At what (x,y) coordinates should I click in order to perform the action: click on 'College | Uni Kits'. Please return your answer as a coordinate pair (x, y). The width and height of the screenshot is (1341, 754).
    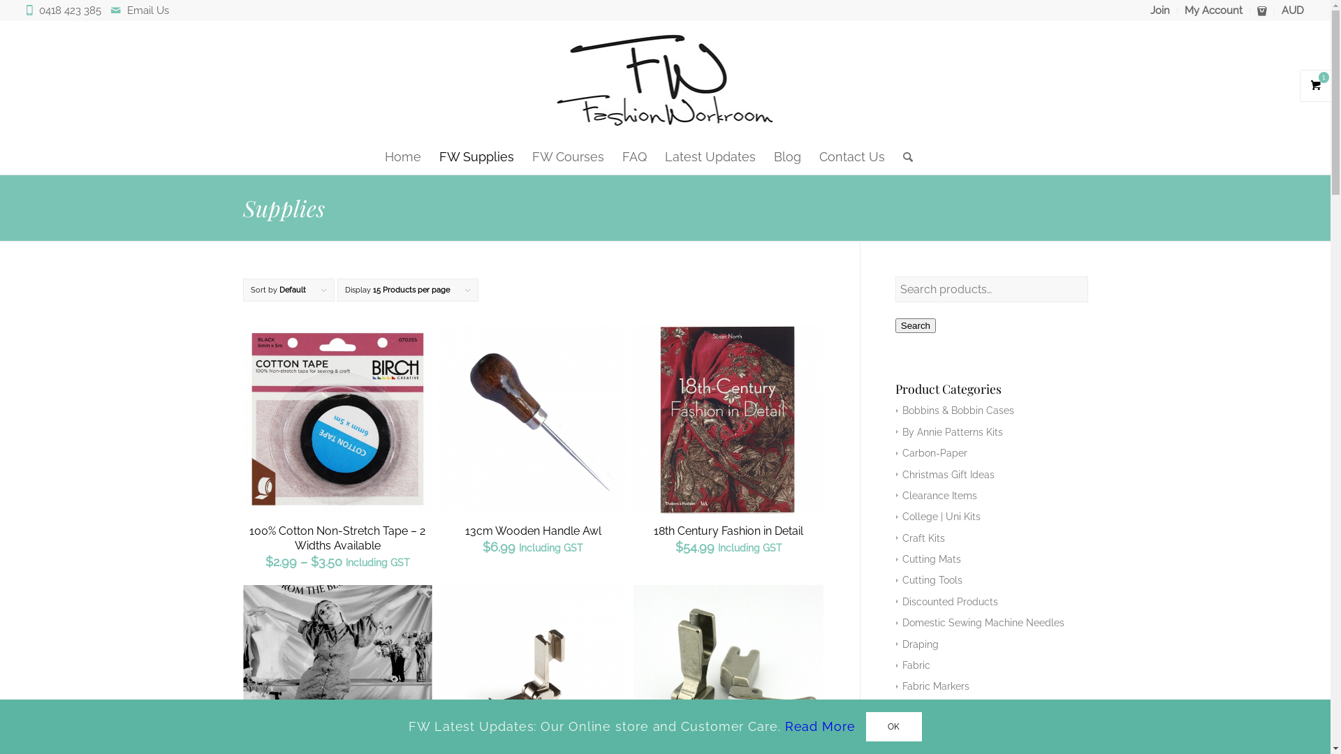
    Looking at the image, I should click on (938, 517).